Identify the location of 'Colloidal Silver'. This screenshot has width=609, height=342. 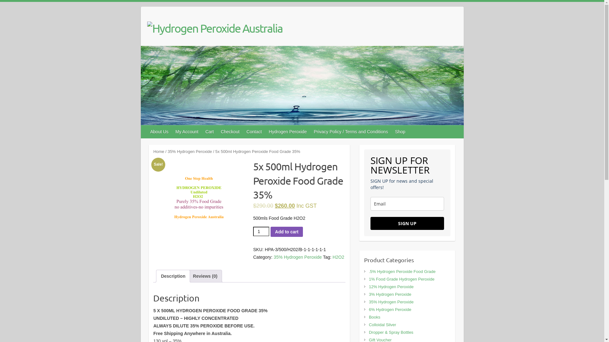
(382, 325).